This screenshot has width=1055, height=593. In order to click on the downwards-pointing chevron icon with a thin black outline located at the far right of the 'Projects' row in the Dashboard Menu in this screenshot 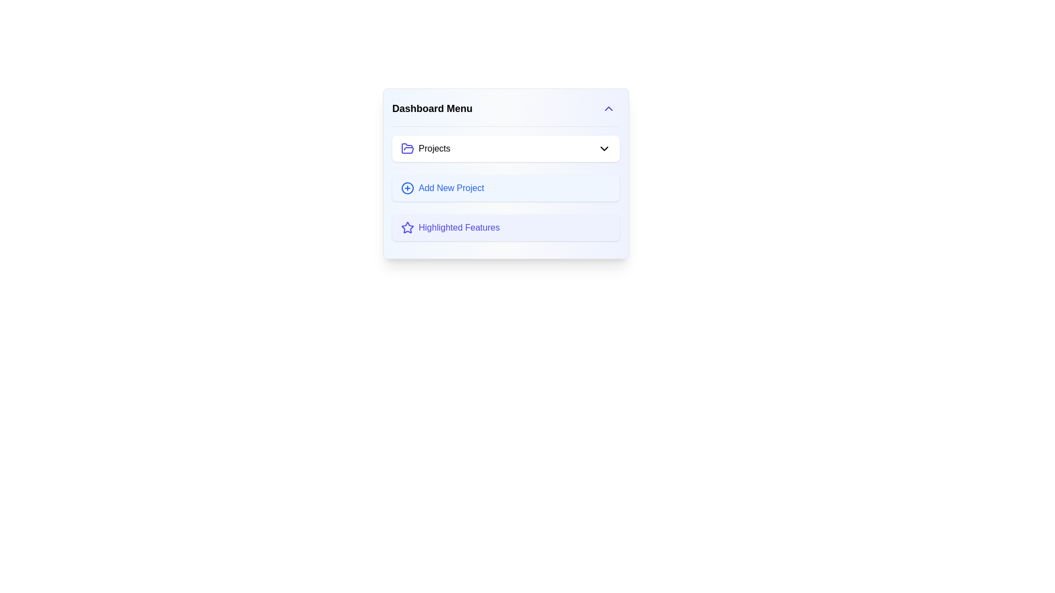, I will do `click(603, 148)`.